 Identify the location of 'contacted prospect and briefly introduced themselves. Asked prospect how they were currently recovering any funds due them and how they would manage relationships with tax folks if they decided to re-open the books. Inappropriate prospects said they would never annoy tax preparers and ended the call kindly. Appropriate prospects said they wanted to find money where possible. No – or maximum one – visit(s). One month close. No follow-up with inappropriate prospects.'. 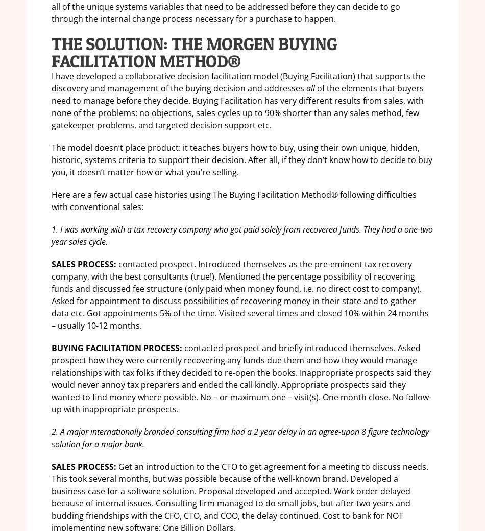
(51, 378).